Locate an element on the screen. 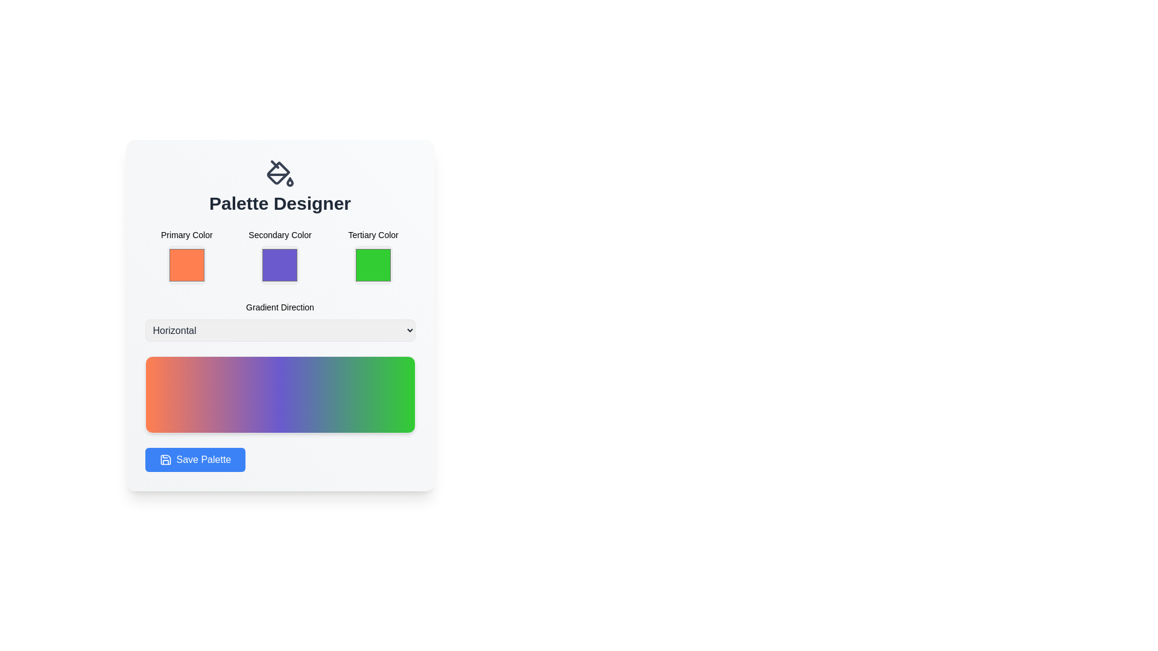 Image resolution: width=1158 pixels, height=651 pixels. the Interactive color selection block representing the 'Secondary Color' in the color palette configuration task is located at coordinates (279, 257).